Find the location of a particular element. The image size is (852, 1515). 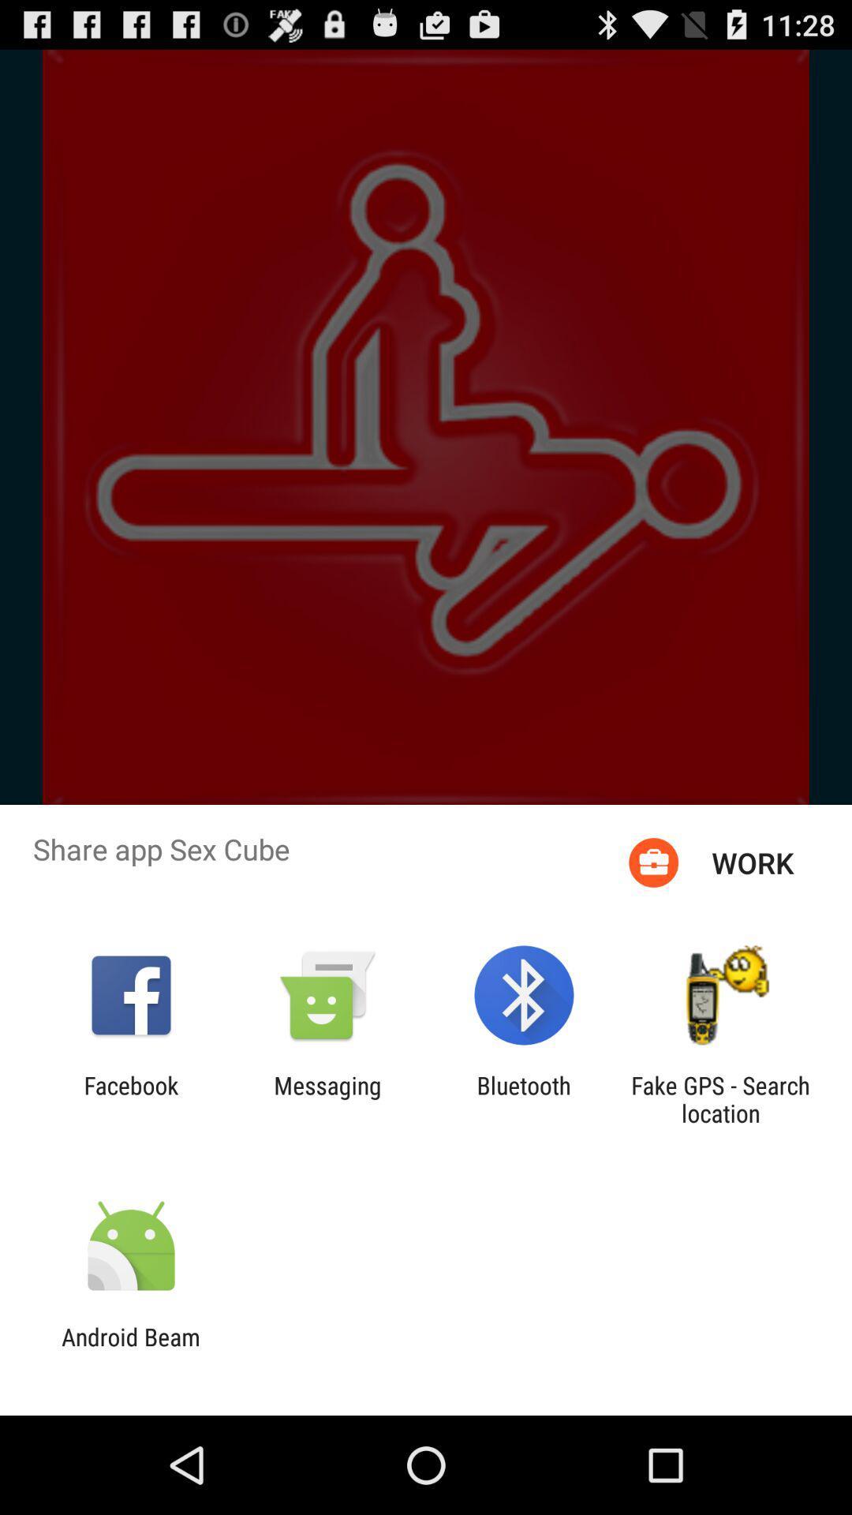

fake gps search icon is located at coordinates (720, 1098).